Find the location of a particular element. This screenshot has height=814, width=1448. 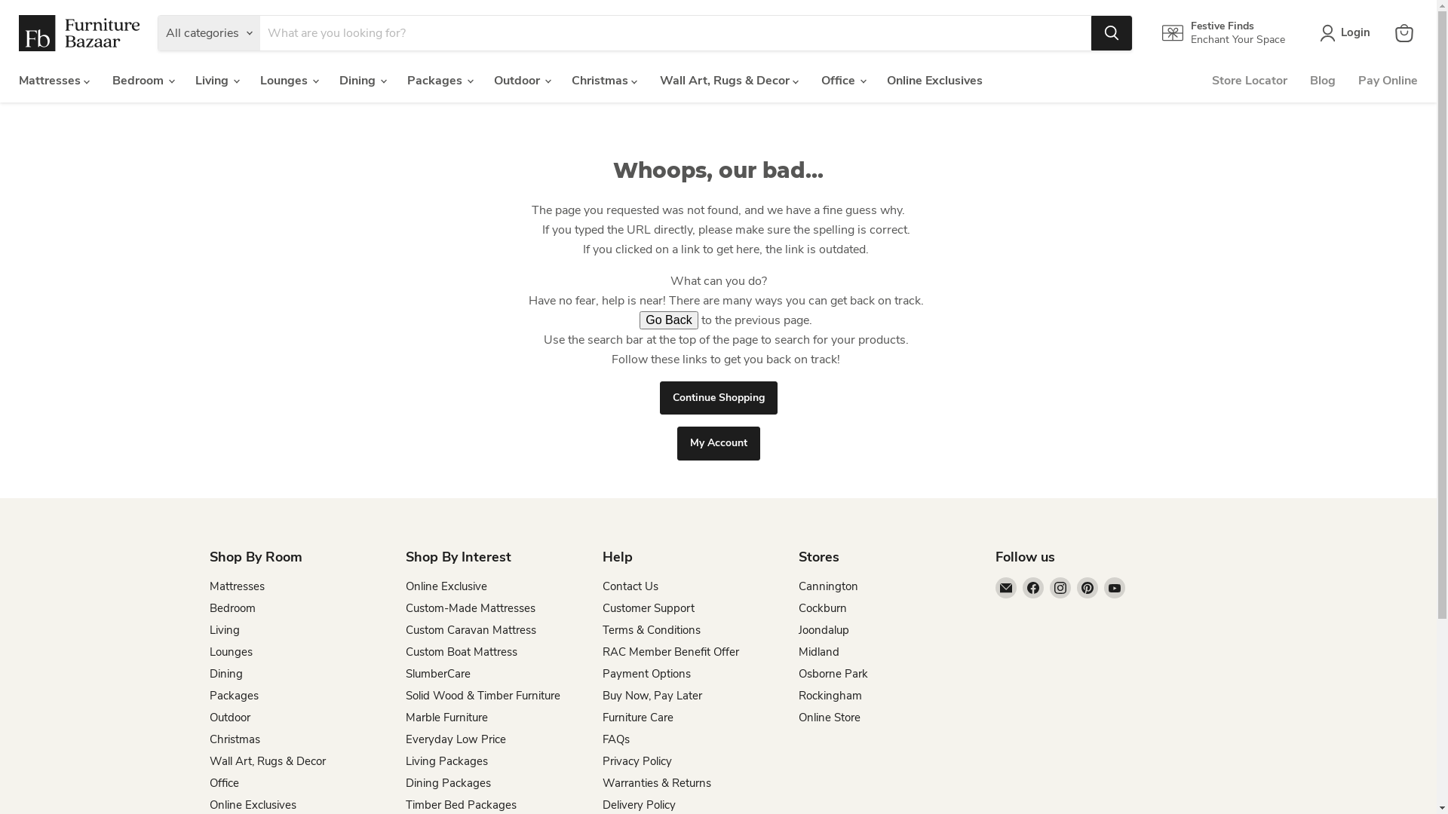

'Privacy Policy' is located at coordinates (637, 761).